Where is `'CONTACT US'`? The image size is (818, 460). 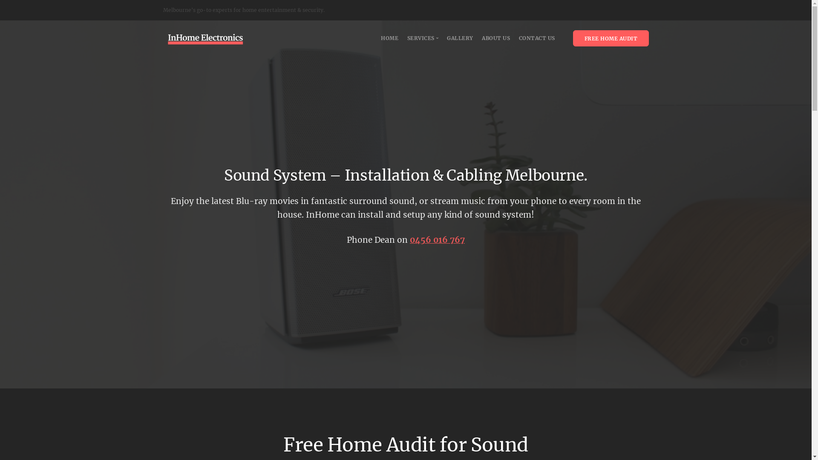
'CONTACT US' is located at coordinates (518, 37).